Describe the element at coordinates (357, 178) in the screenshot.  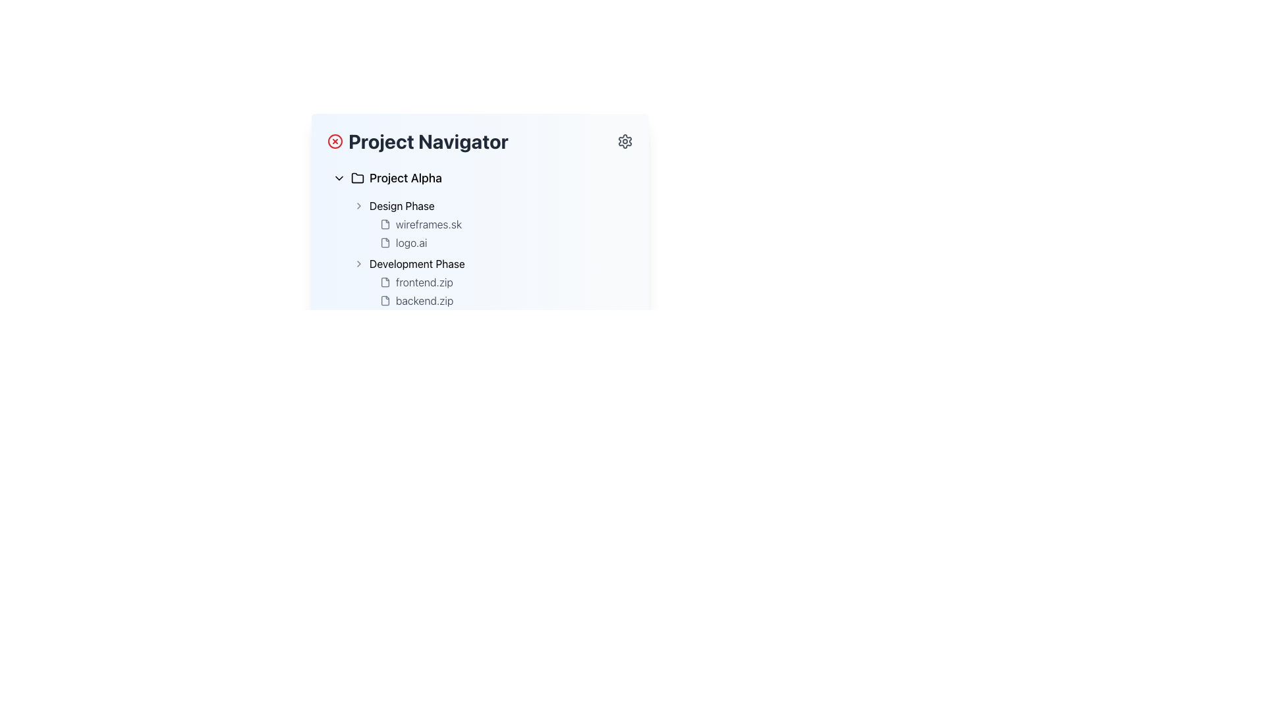
I see `the folder icon associated with 'Project Alpha', located left of the label in the project hierarchy display` at that location.